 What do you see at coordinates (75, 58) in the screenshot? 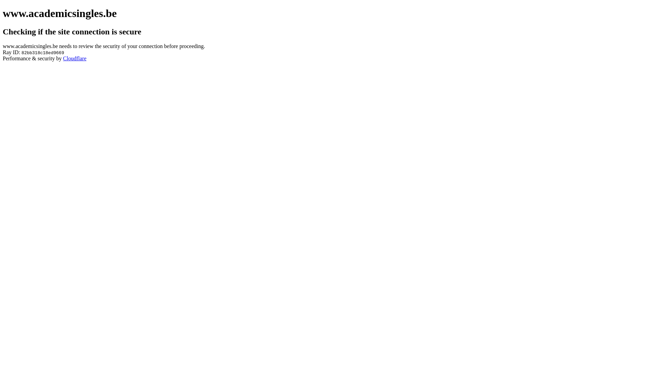
I see `'Cloudflare'` at bounding box center [75, 58].